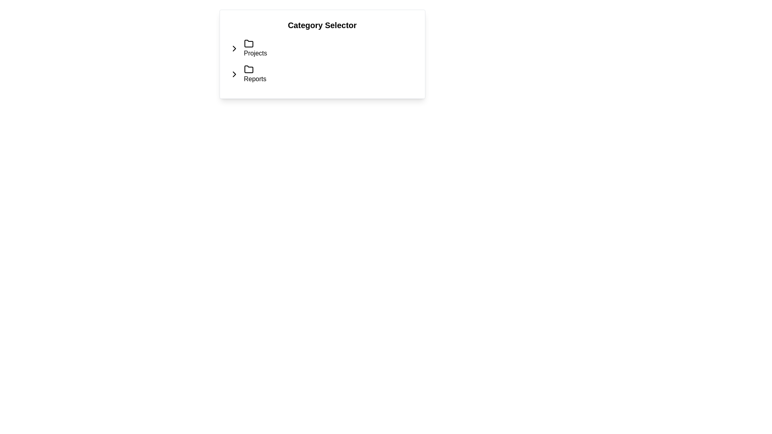 The image size is (772, 434). I want to click on the chevron button located to the left of the 'Reports' text, so click(234, 74).